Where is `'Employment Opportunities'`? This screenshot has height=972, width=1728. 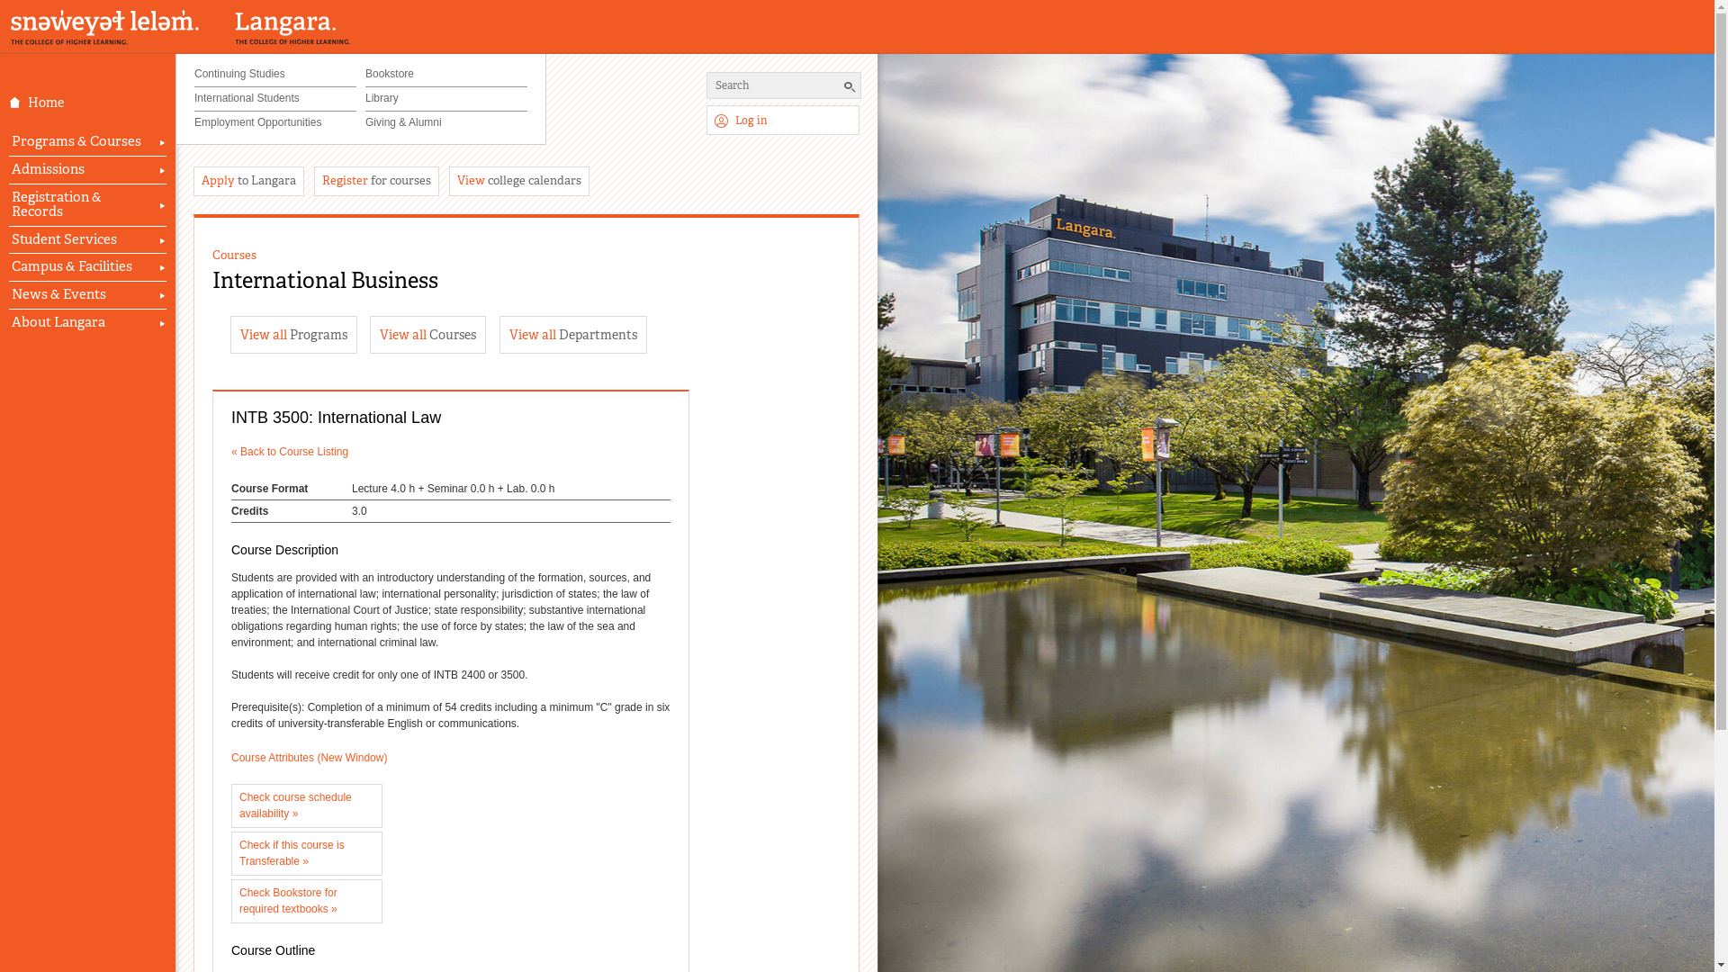
'Employment Opportunities' is located at coordinates (194, 122).